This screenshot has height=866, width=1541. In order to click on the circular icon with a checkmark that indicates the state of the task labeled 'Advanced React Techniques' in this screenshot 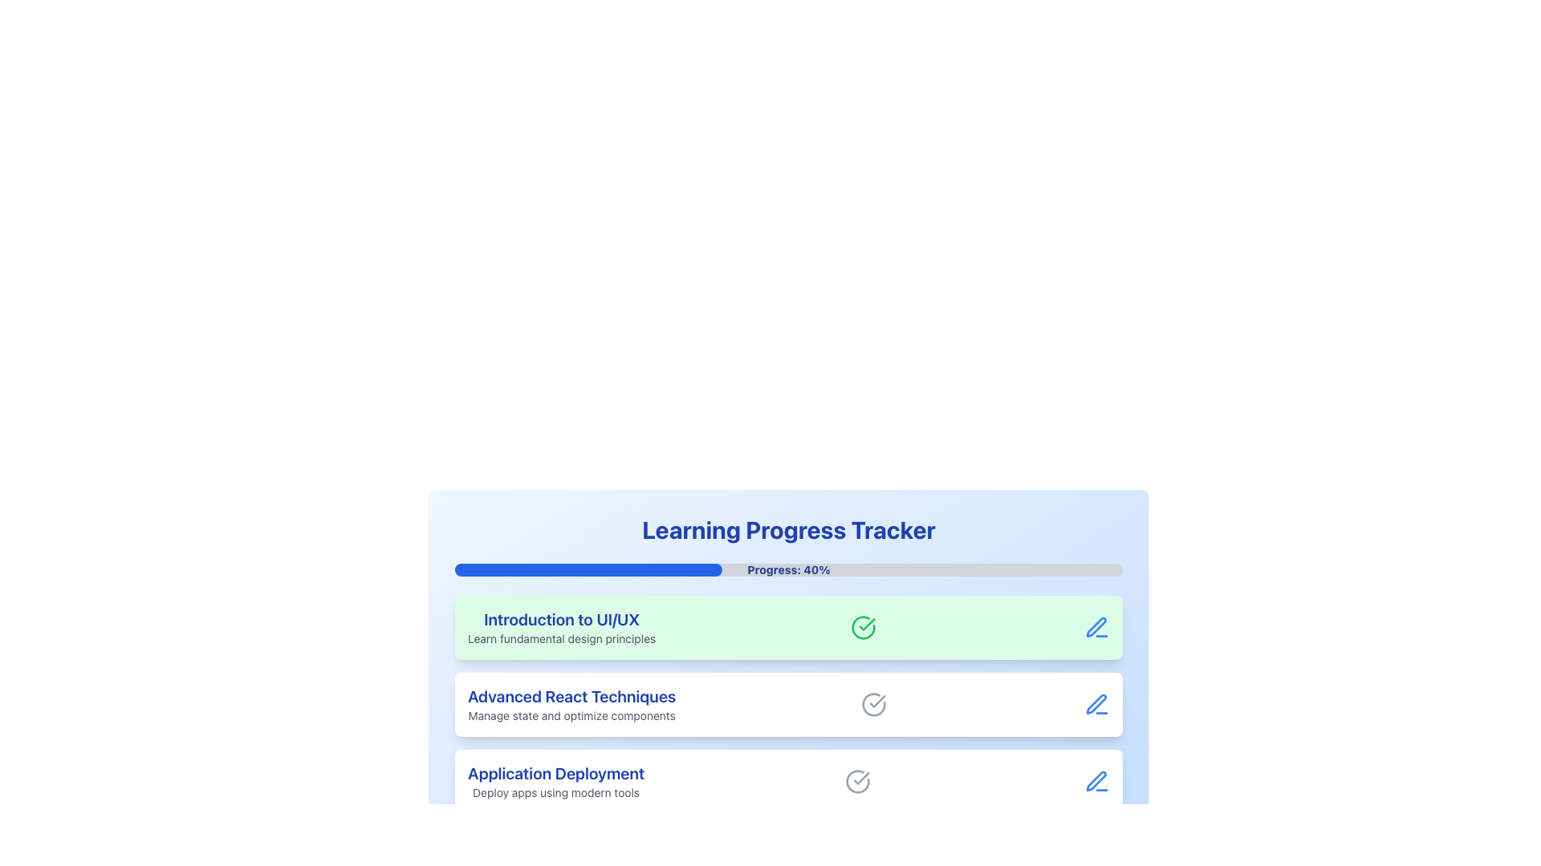, I will do `click(872, 704)`.